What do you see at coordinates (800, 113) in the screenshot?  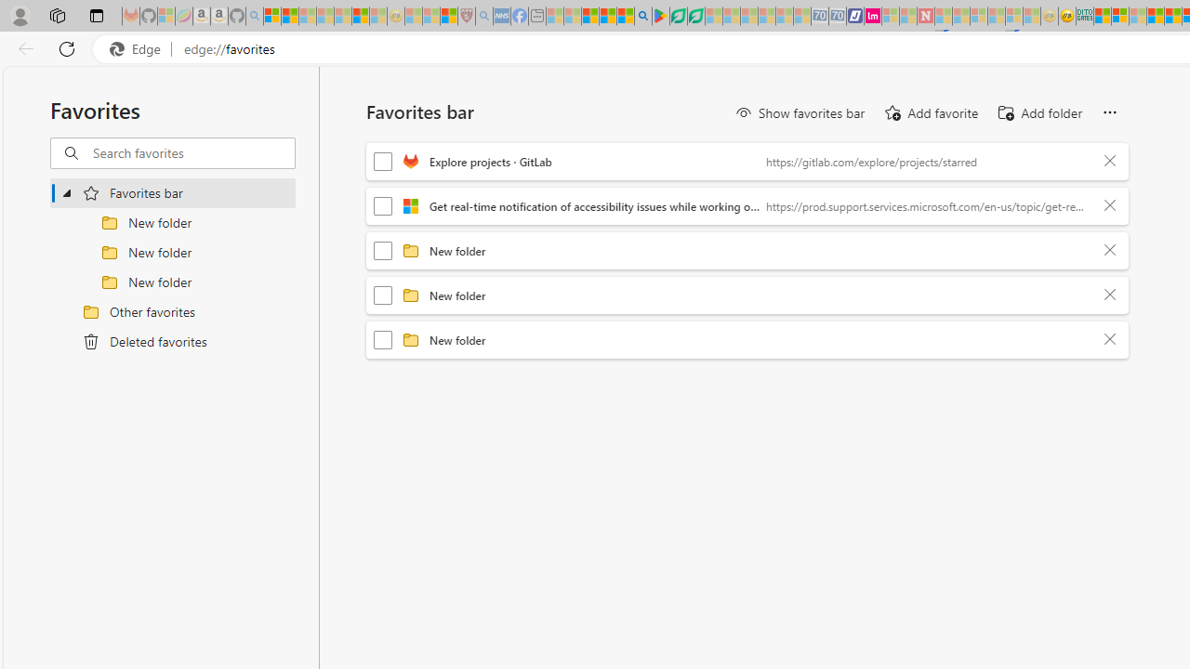 I see `'Show favorites bar'` at bounding box center [800, 113].